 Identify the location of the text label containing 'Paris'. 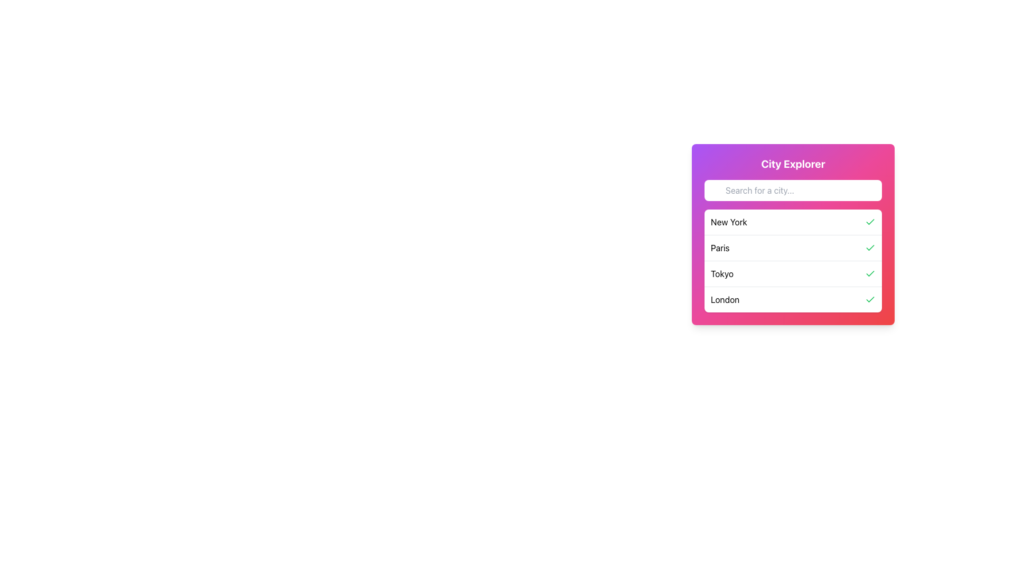
(719, 248).